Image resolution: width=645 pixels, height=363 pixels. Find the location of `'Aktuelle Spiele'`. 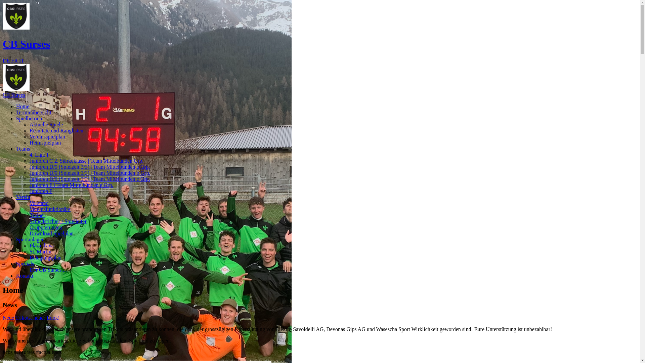

'Aktuelle Spiele' is located at coordinates (46, 124).